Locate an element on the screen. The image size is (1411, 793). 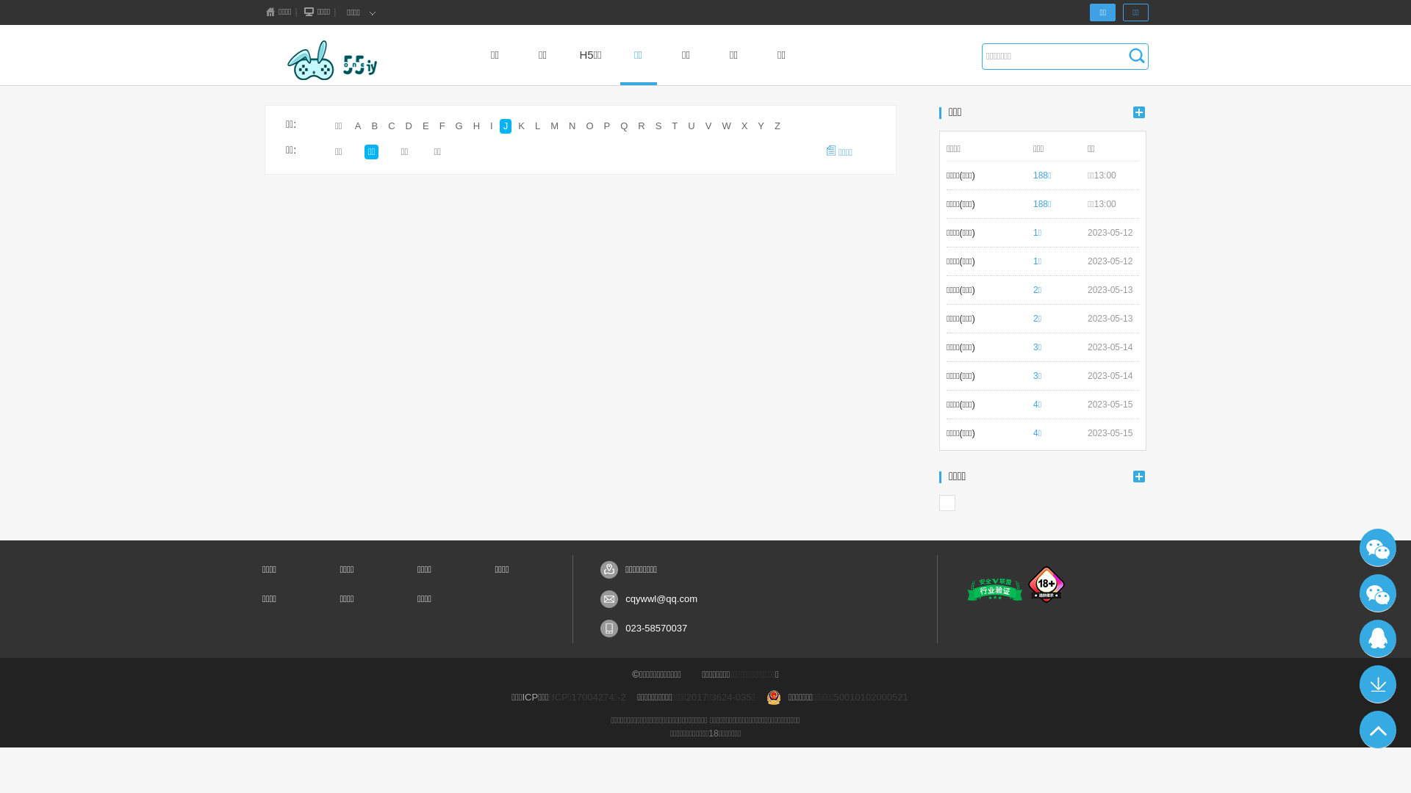
'T' is located at coordinates (673, 126).